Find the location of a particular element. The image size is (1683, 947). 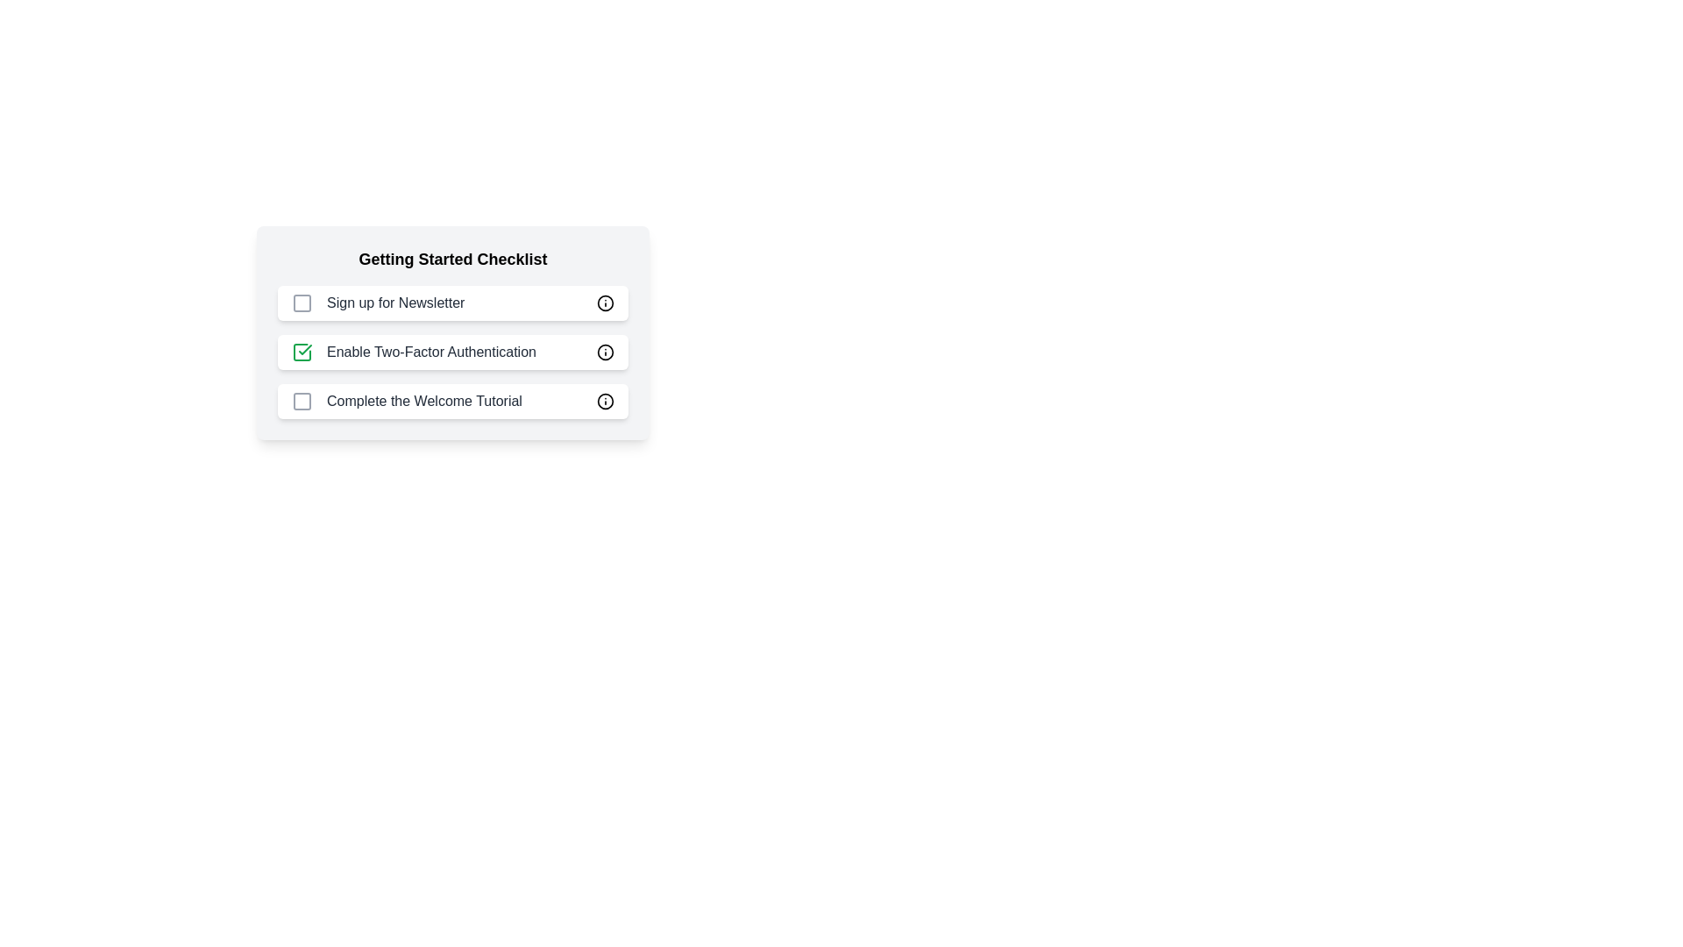

the circular information icon located to the right of the 'Enable Two-Factor Authentication' text is located at coordinates (606, 352).